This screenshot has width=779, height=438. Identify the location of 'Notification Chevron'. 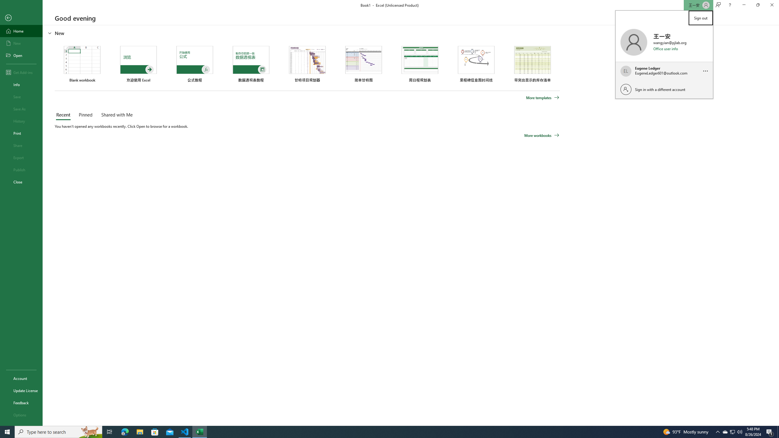
(718, 431).